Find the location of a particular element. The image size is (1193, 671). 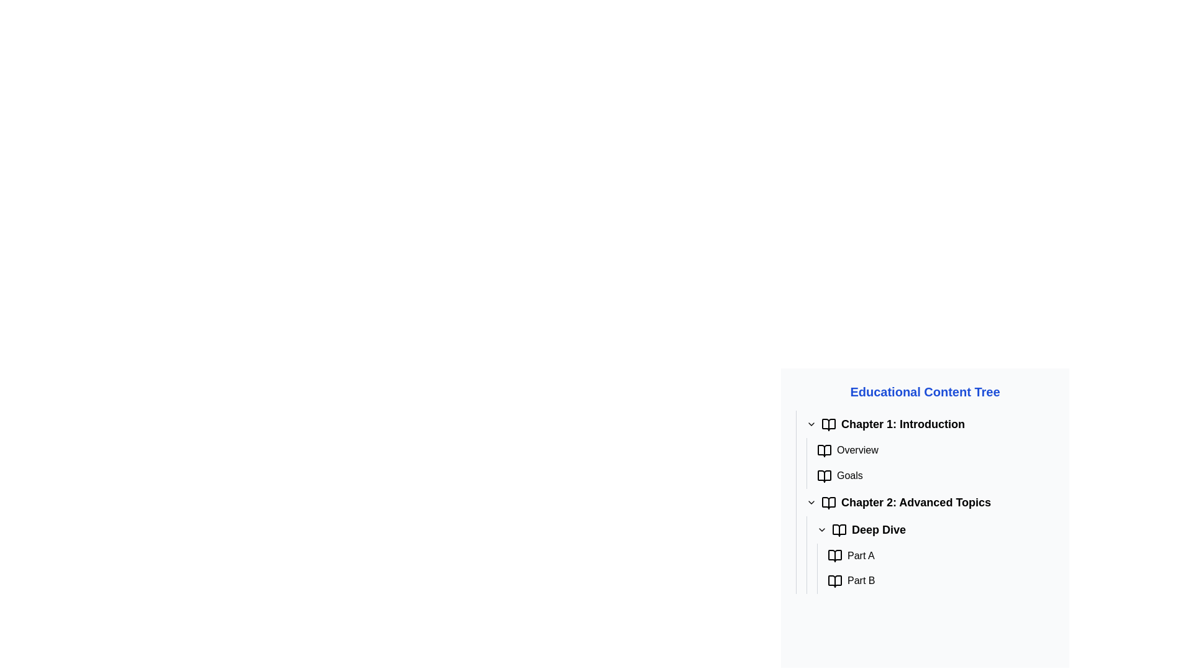

the chevron toggle button for 'Chapter 2: Advanced Topics' is located at coordinates (811, 501).